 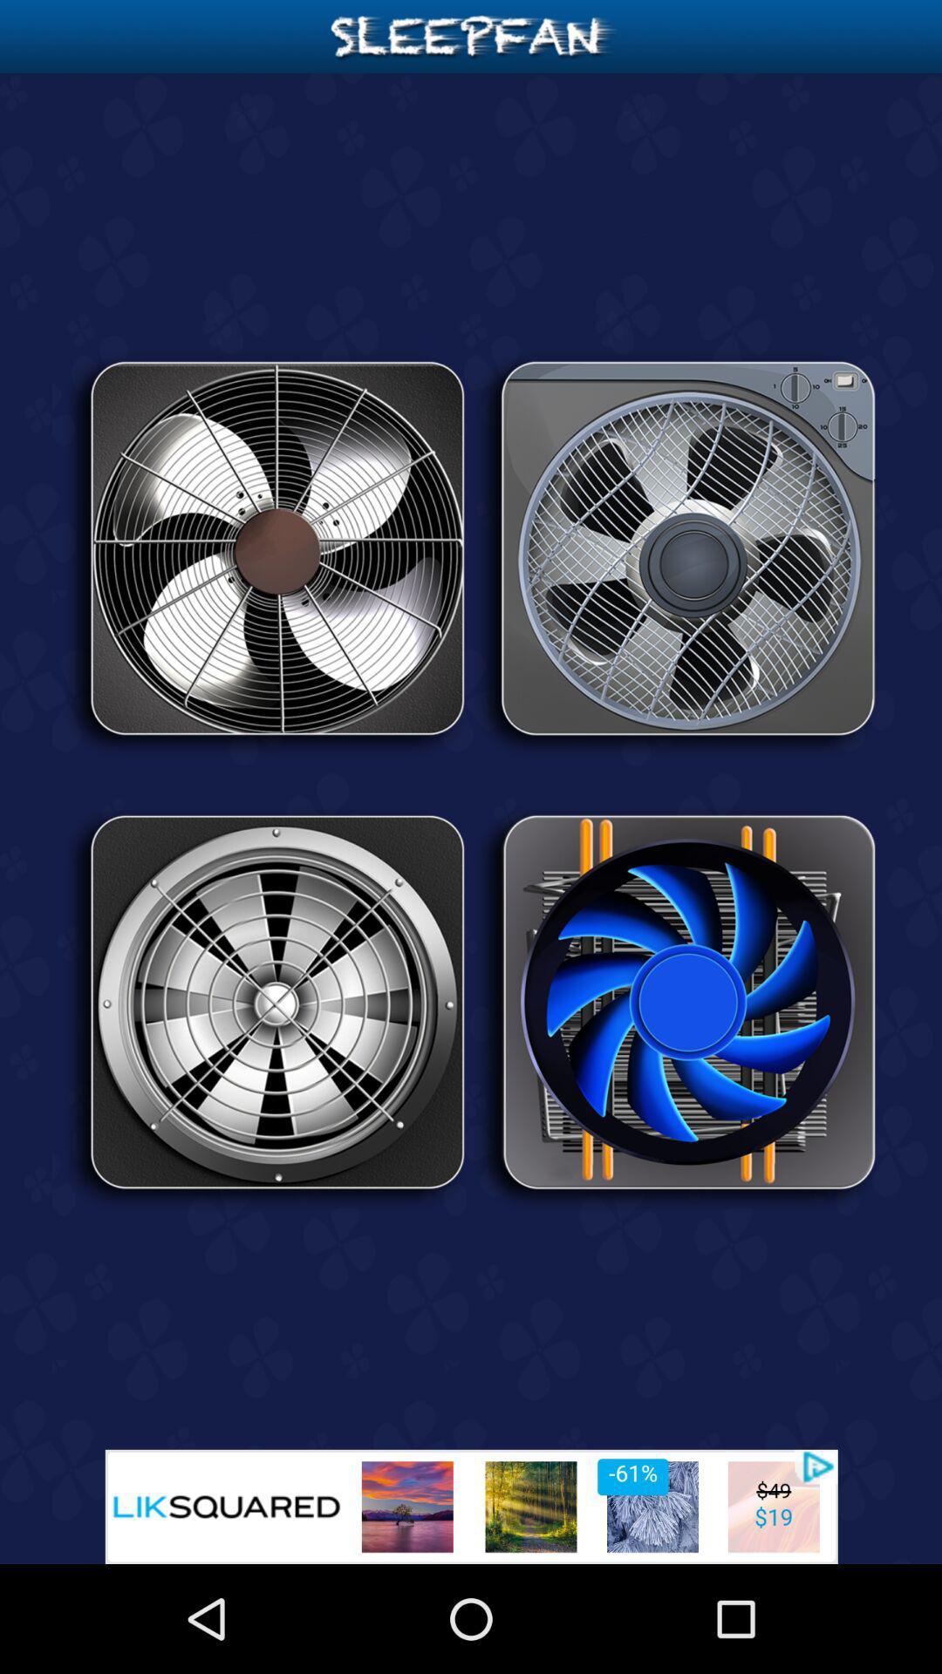 I want to click on the icon on the right, so click(x=675, y=1009).